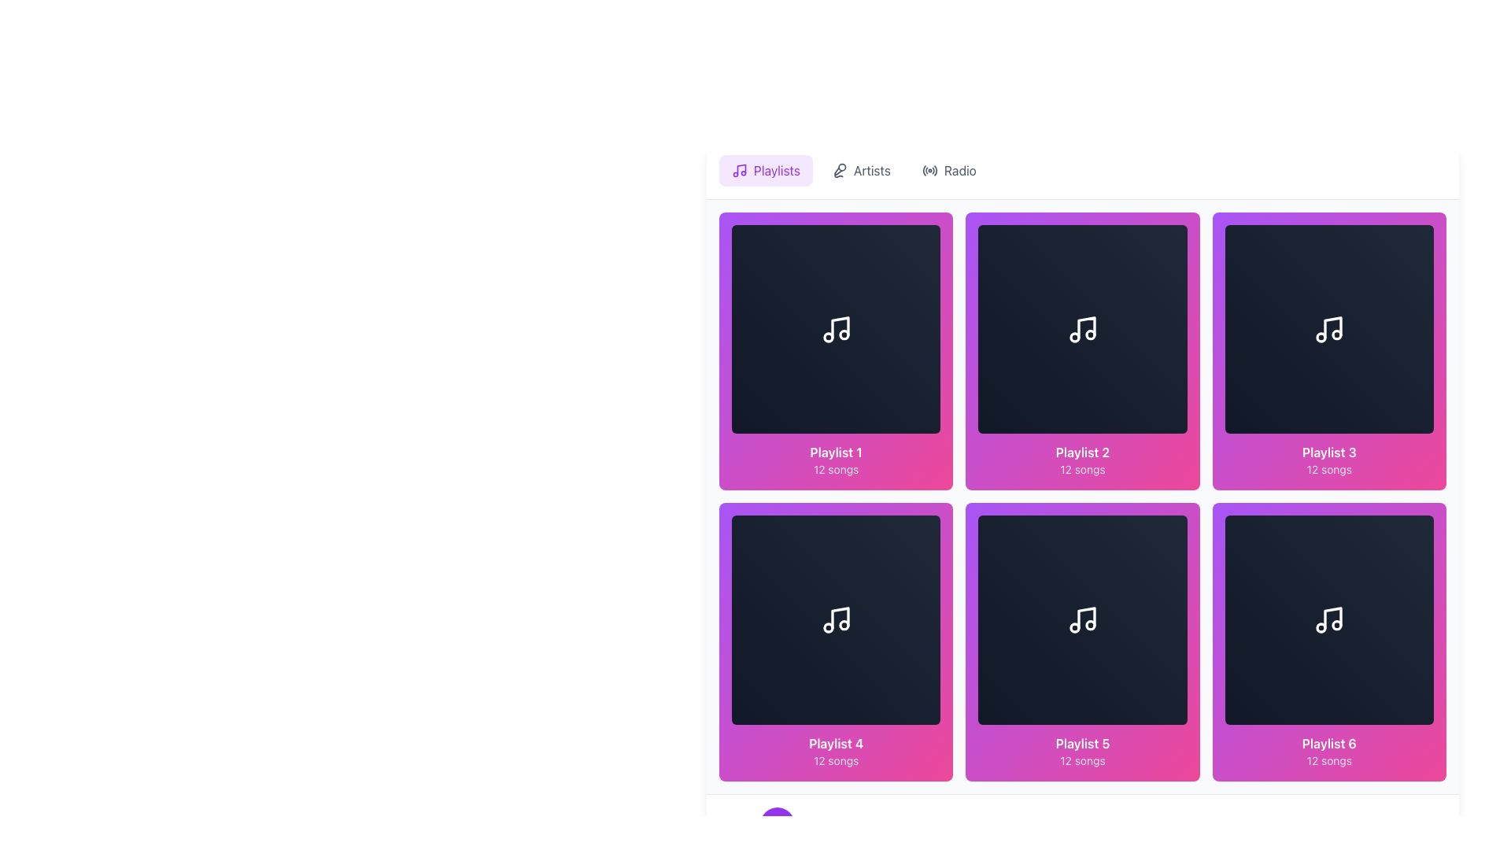 This screenshot has height=850, width=1511. Describe the element at coordinates (835, 328) in the screenshot. I see `the musical notes icon, which is represented in a white outline style against a dark background` at that location.